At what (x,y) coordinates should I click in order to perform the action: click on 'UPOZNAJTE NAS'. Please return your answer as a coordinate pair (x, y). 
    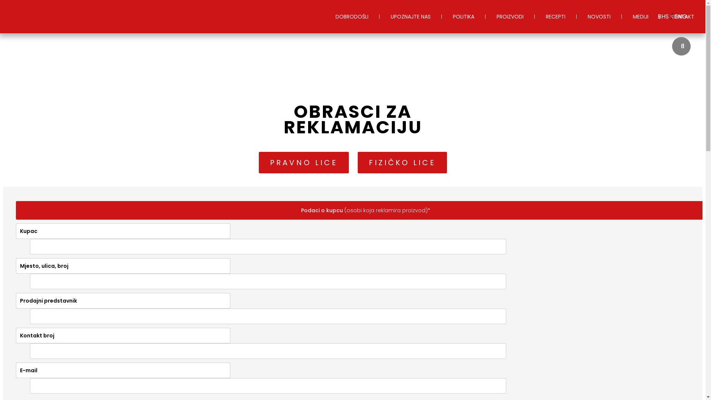
    Looking at the image, I should click on (380, 17).